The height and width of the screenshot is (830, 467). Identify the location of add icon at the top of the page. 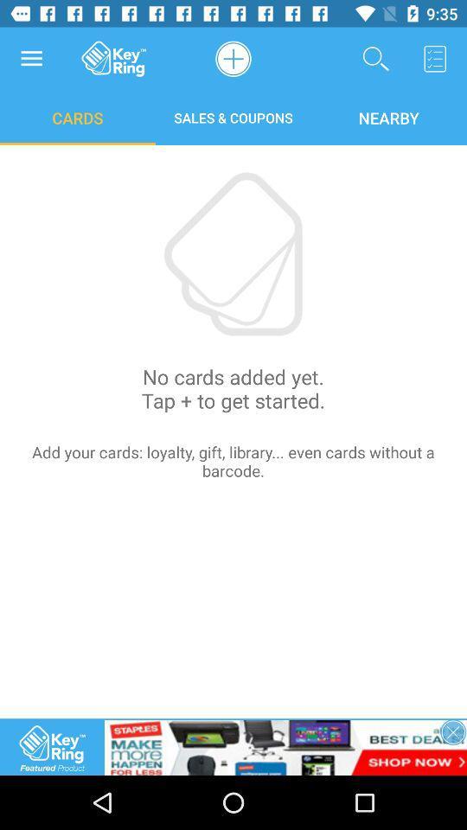
(233, 58).